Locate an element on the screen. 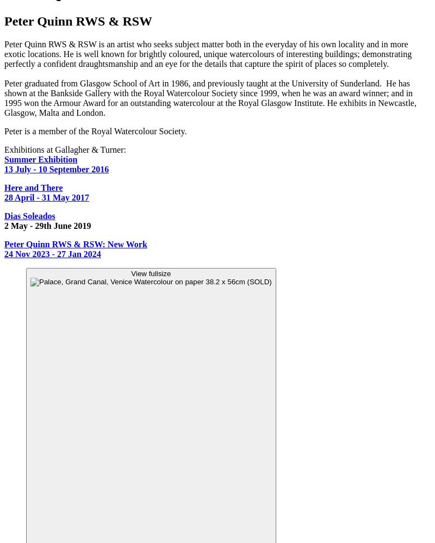 Image resolution: width=435 pixels, height=543 pixels. '2 May - 29th June 2019' is located at coordinates (47, 225).